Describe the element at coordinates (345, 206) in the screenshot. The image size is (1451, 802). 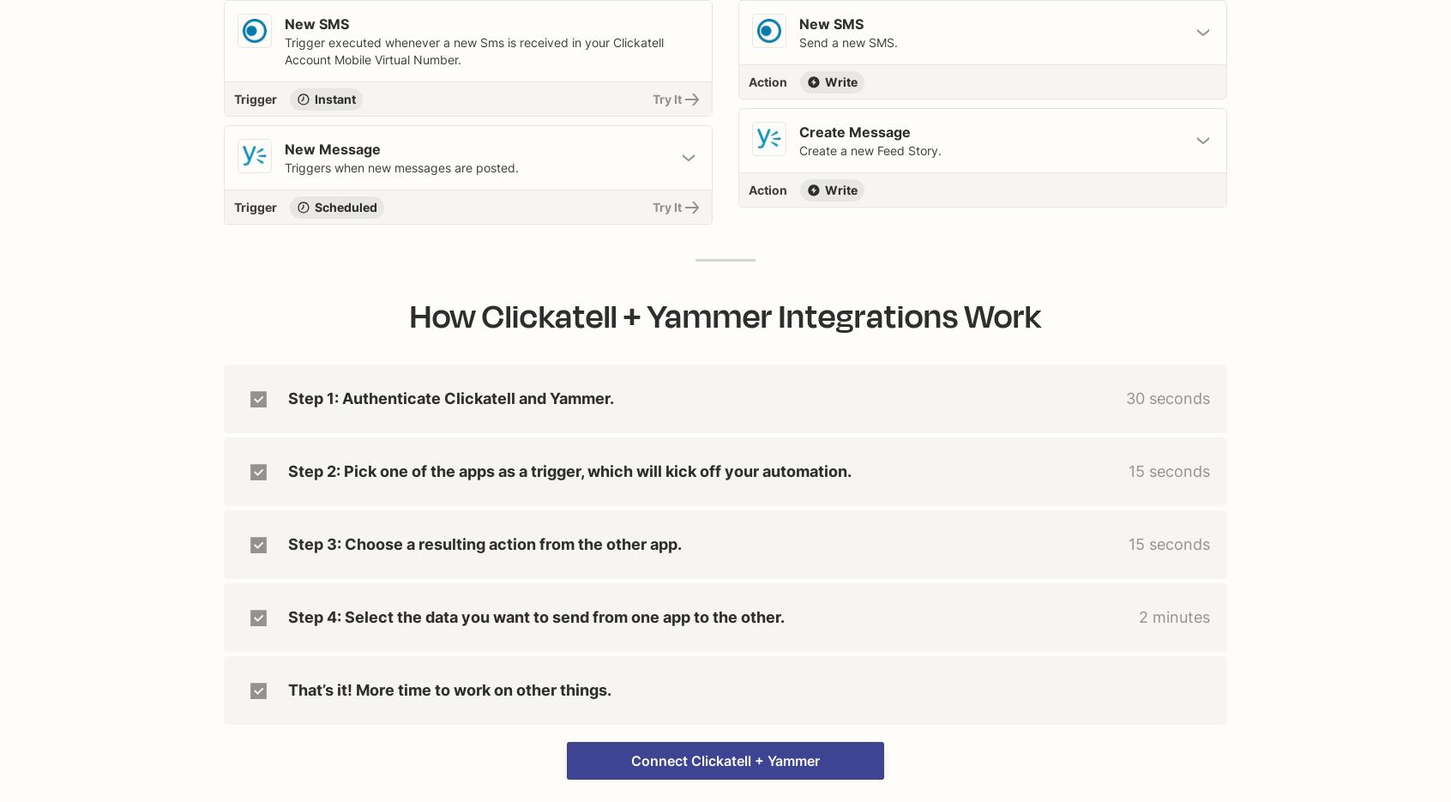
I see `'Scheduled'` at that location.